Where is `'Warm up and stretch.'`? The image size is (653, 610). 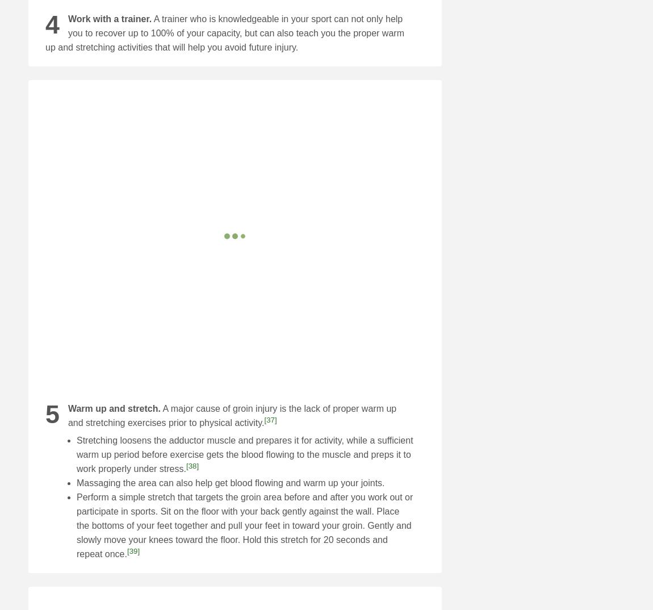 'Warm up and stretch.' is located at coordinates (113, 408).